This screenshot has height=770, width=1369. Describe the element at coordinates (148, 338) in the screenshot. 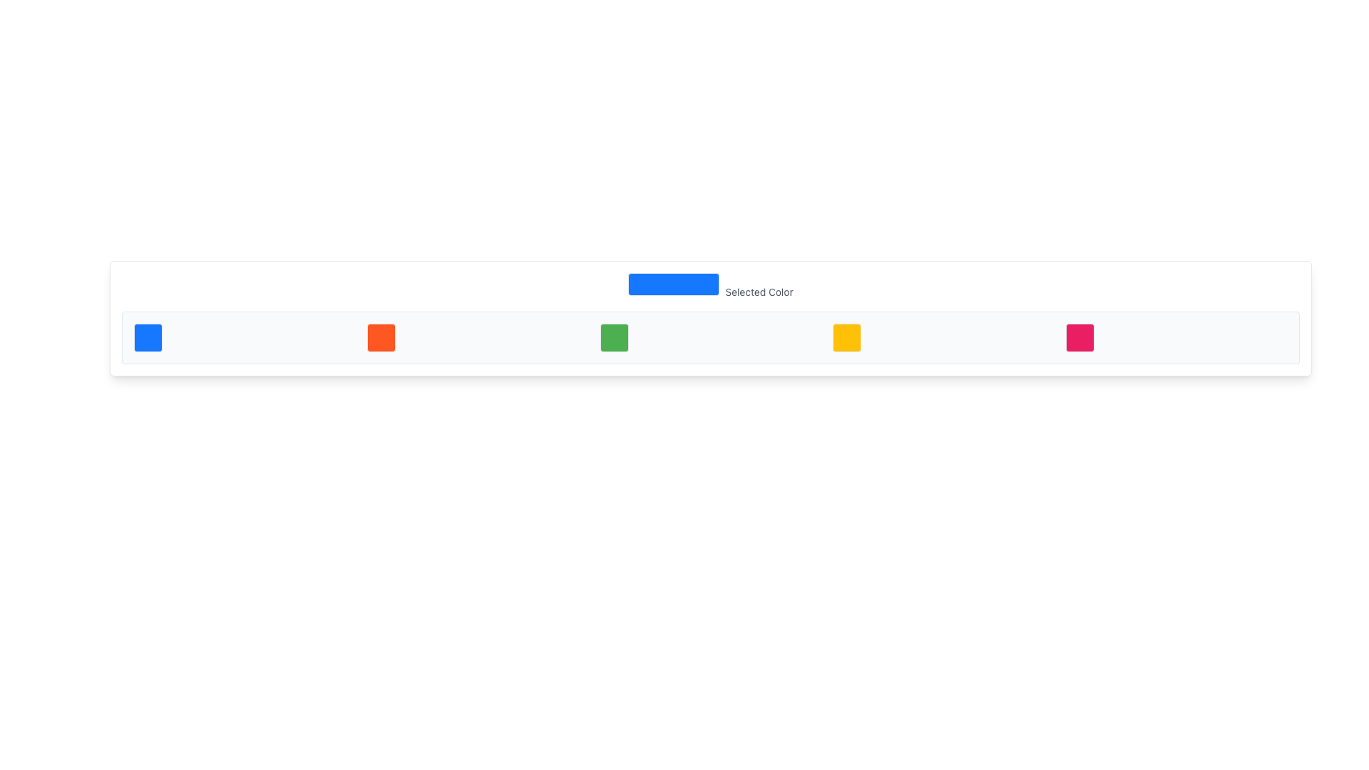

I see `the first square button in a row of five, positioned towards the top left, which serves as a color selection box` at that location.